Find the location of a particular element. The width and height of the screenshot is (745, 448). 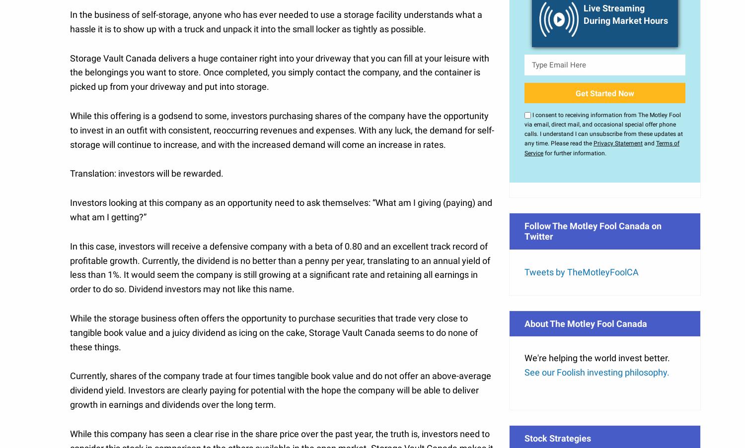

'All Services' is located at coordinates (561, 283).